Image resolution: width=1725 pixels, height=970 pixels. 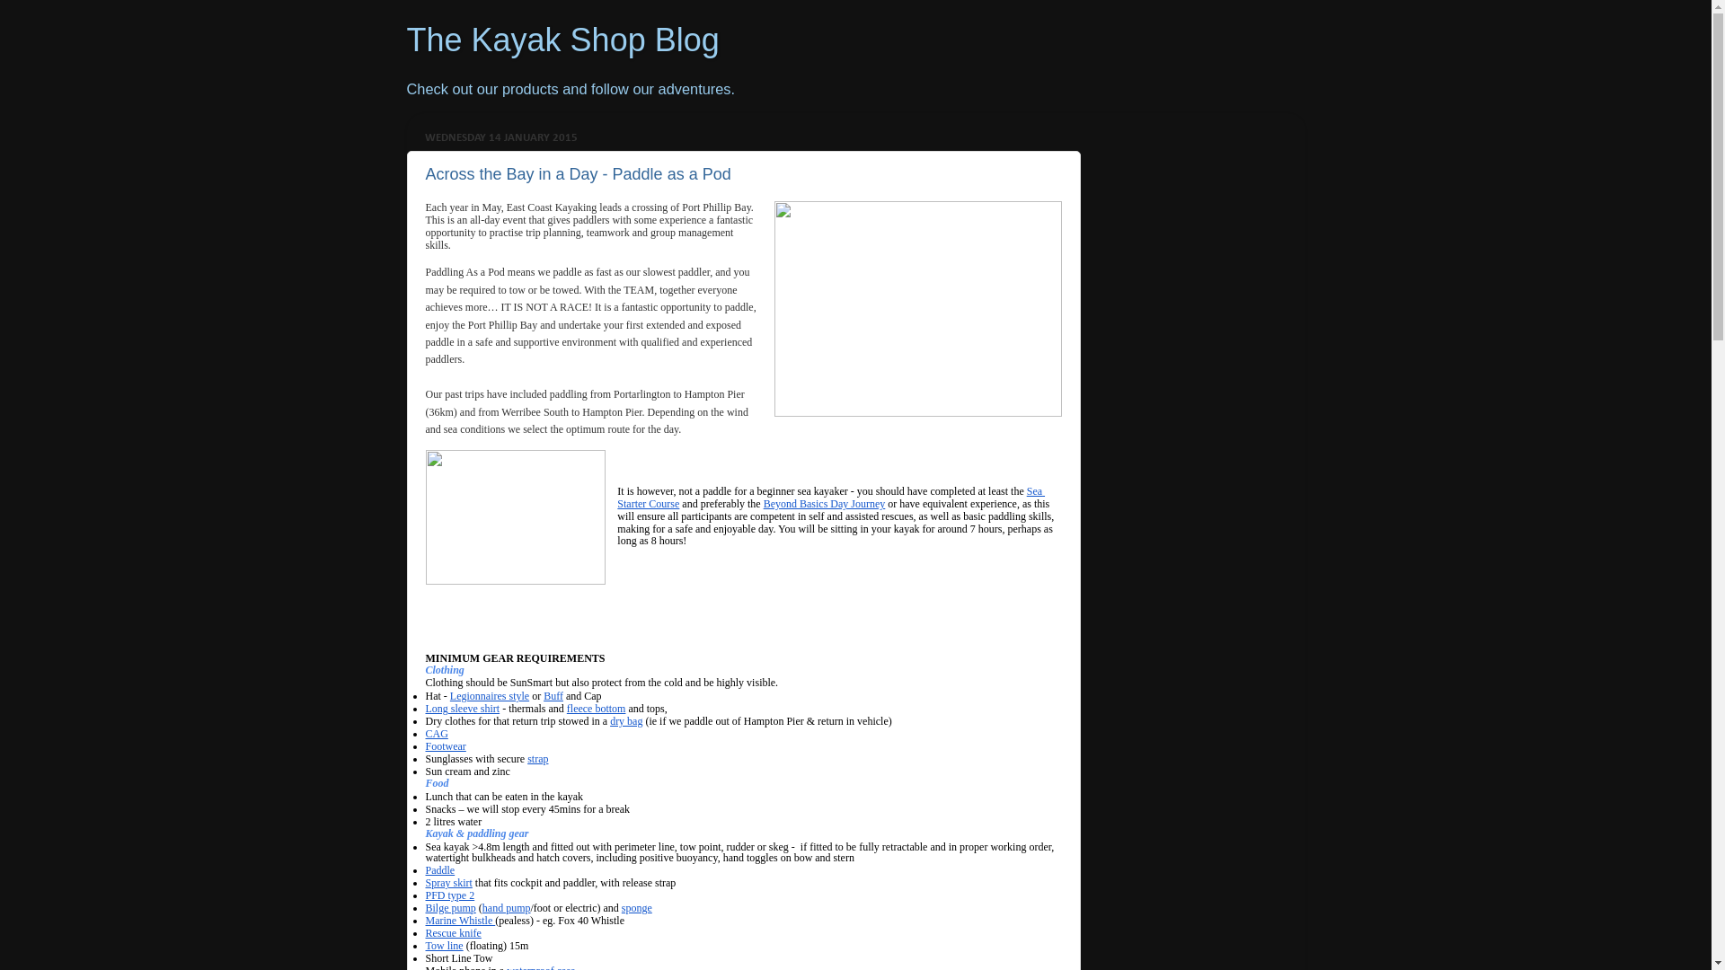 What do you see at coordinates (561, 40) in the screenshot?
I see `'The Kayak Shop Blog'` at bounding box center [561, 40].